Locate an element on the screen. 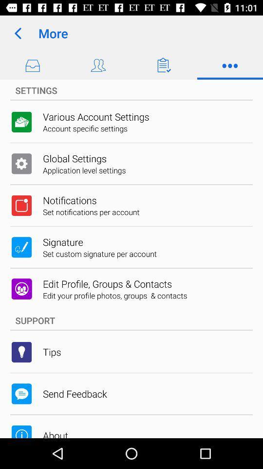 Image resolution: width=263 pixels, height=469 pixels. the item next to more item is located at coordinates (18, 33).